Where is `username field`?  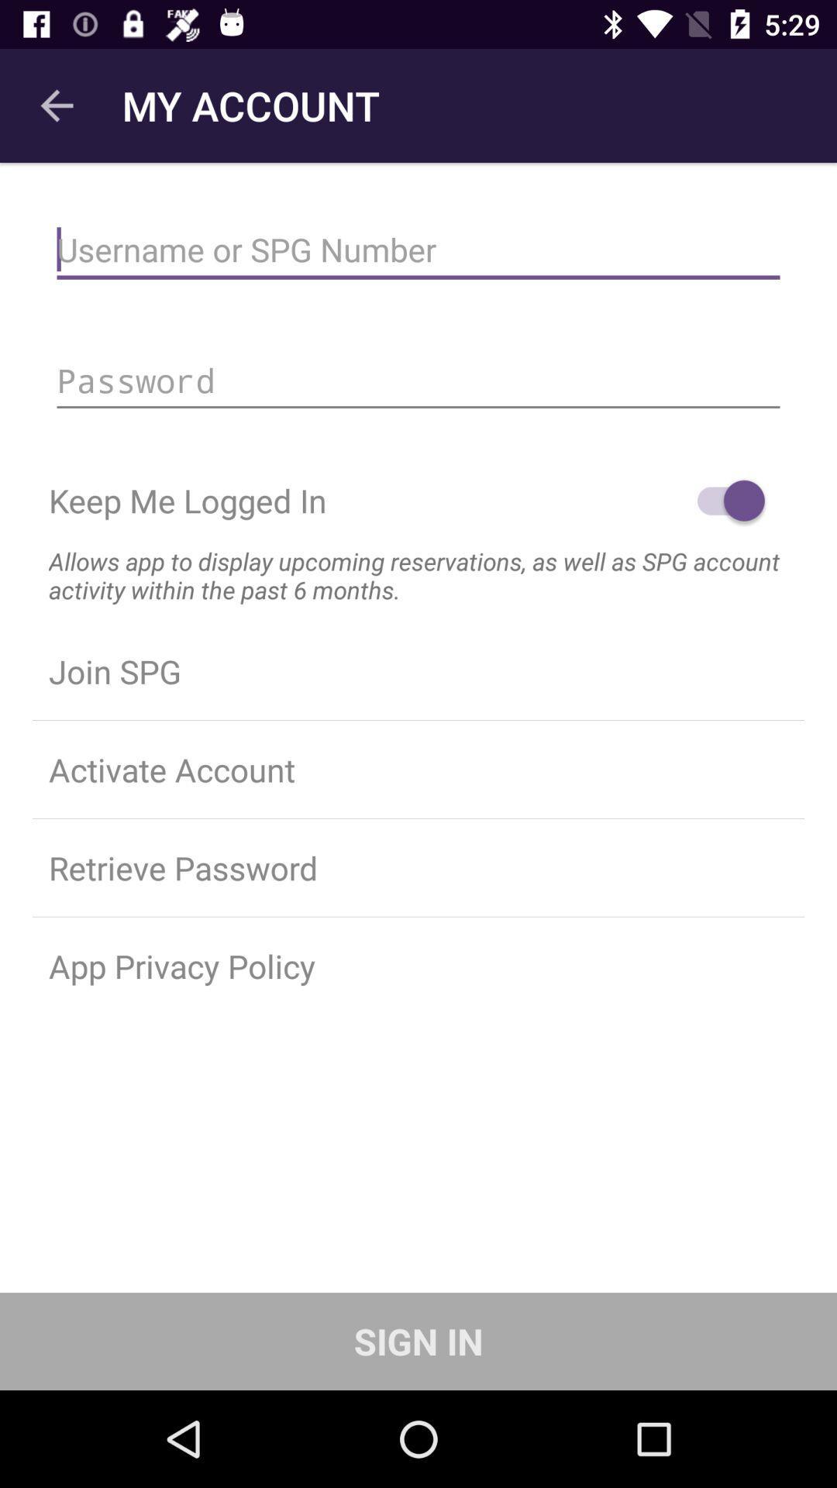 username field is located at coordinates (418, 250).